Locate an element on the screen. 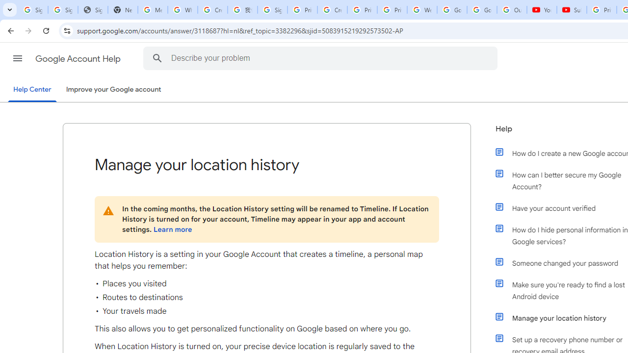 The height and width of the screenshot is (353, 628). 'Learn more' is located at coordinates (173, 229).